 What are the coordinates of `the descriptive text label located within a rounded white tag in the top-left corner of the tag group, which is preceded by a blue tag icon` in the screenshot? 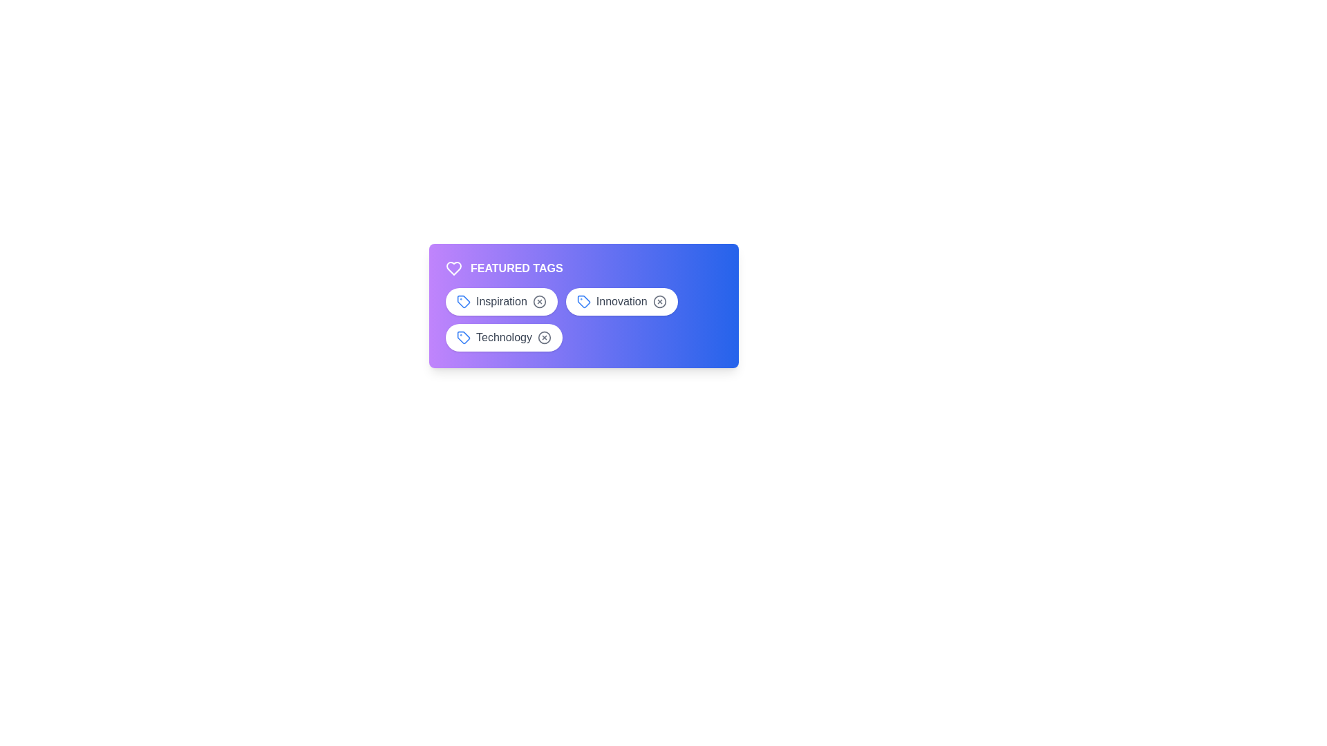 It's located at (500, 300).